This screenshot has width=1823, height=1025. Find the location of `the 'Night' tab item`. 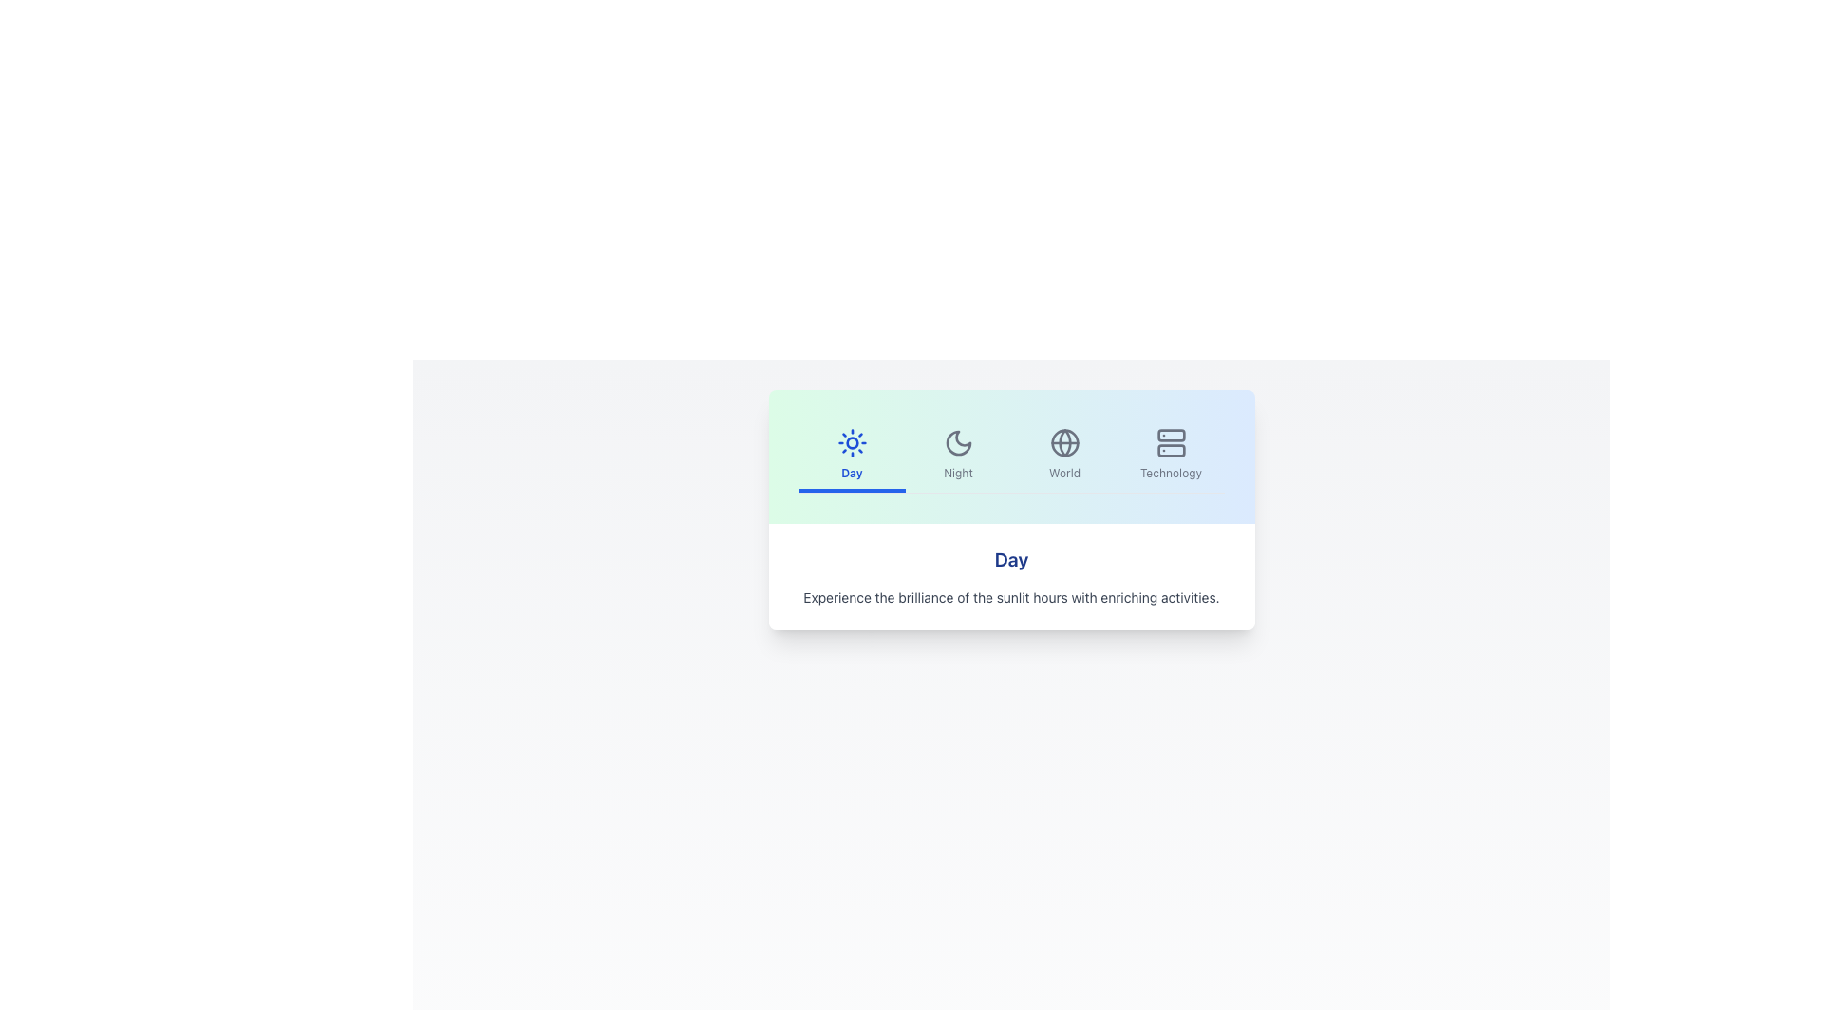

the 'Night' tab item is located at coordinates (958, 457).